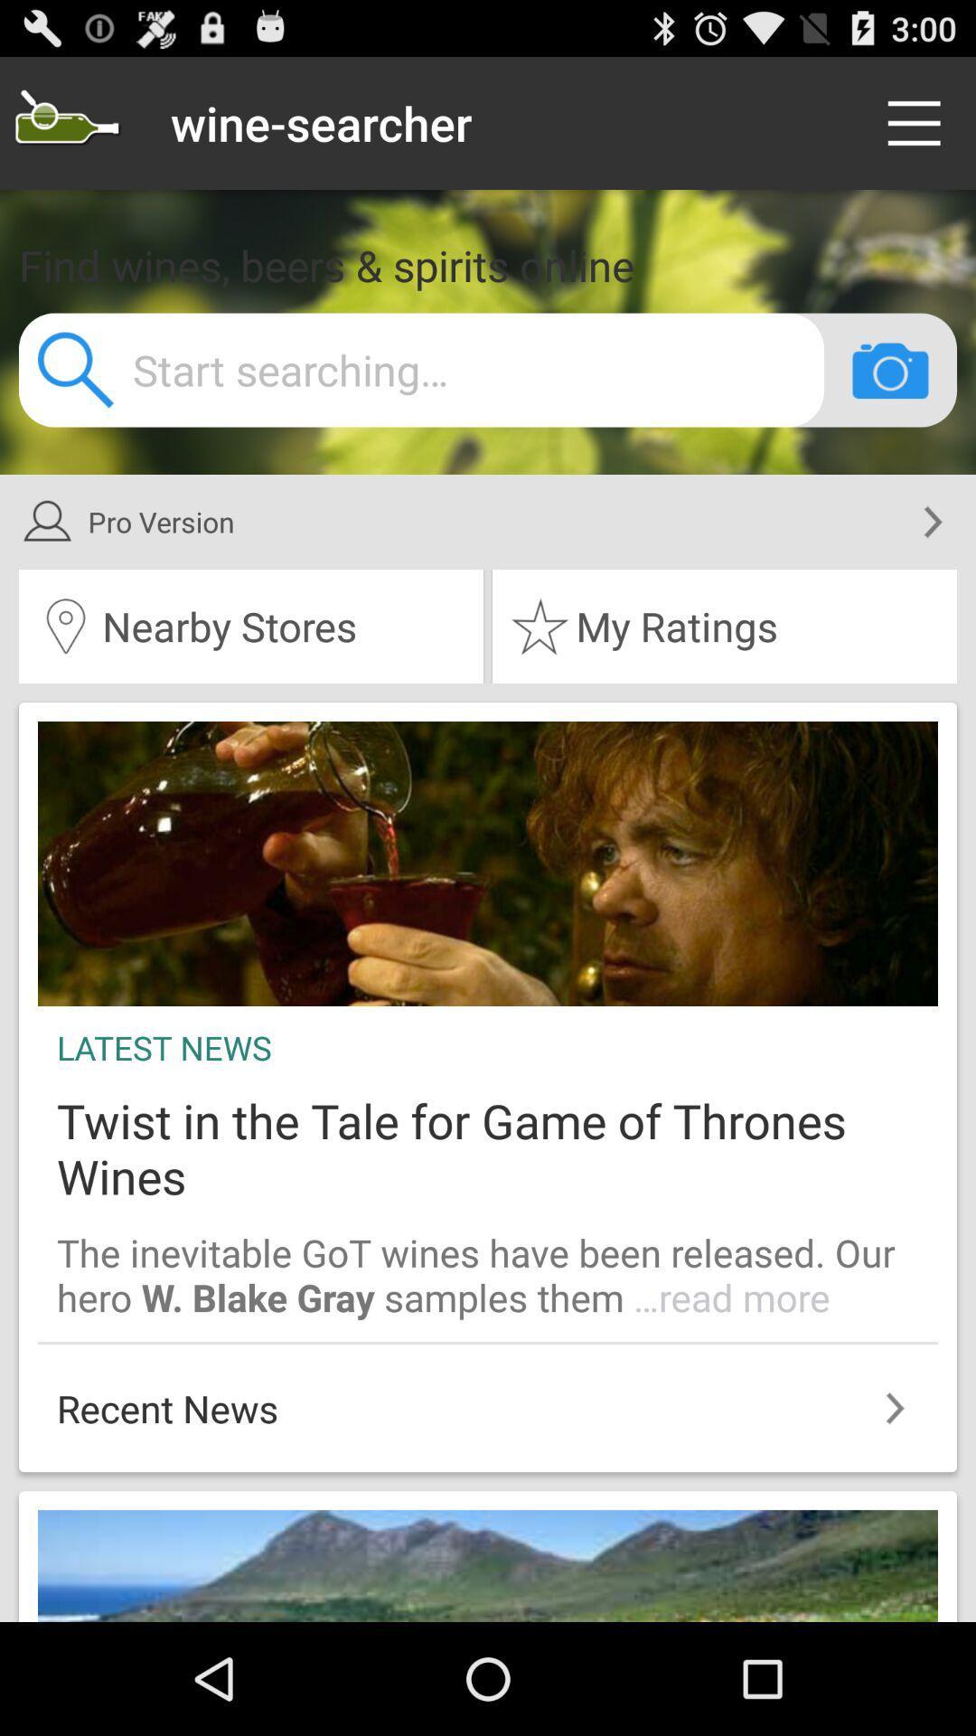 The image size is (976, 1736). I want to click on search by photo button, so click(889, 369).